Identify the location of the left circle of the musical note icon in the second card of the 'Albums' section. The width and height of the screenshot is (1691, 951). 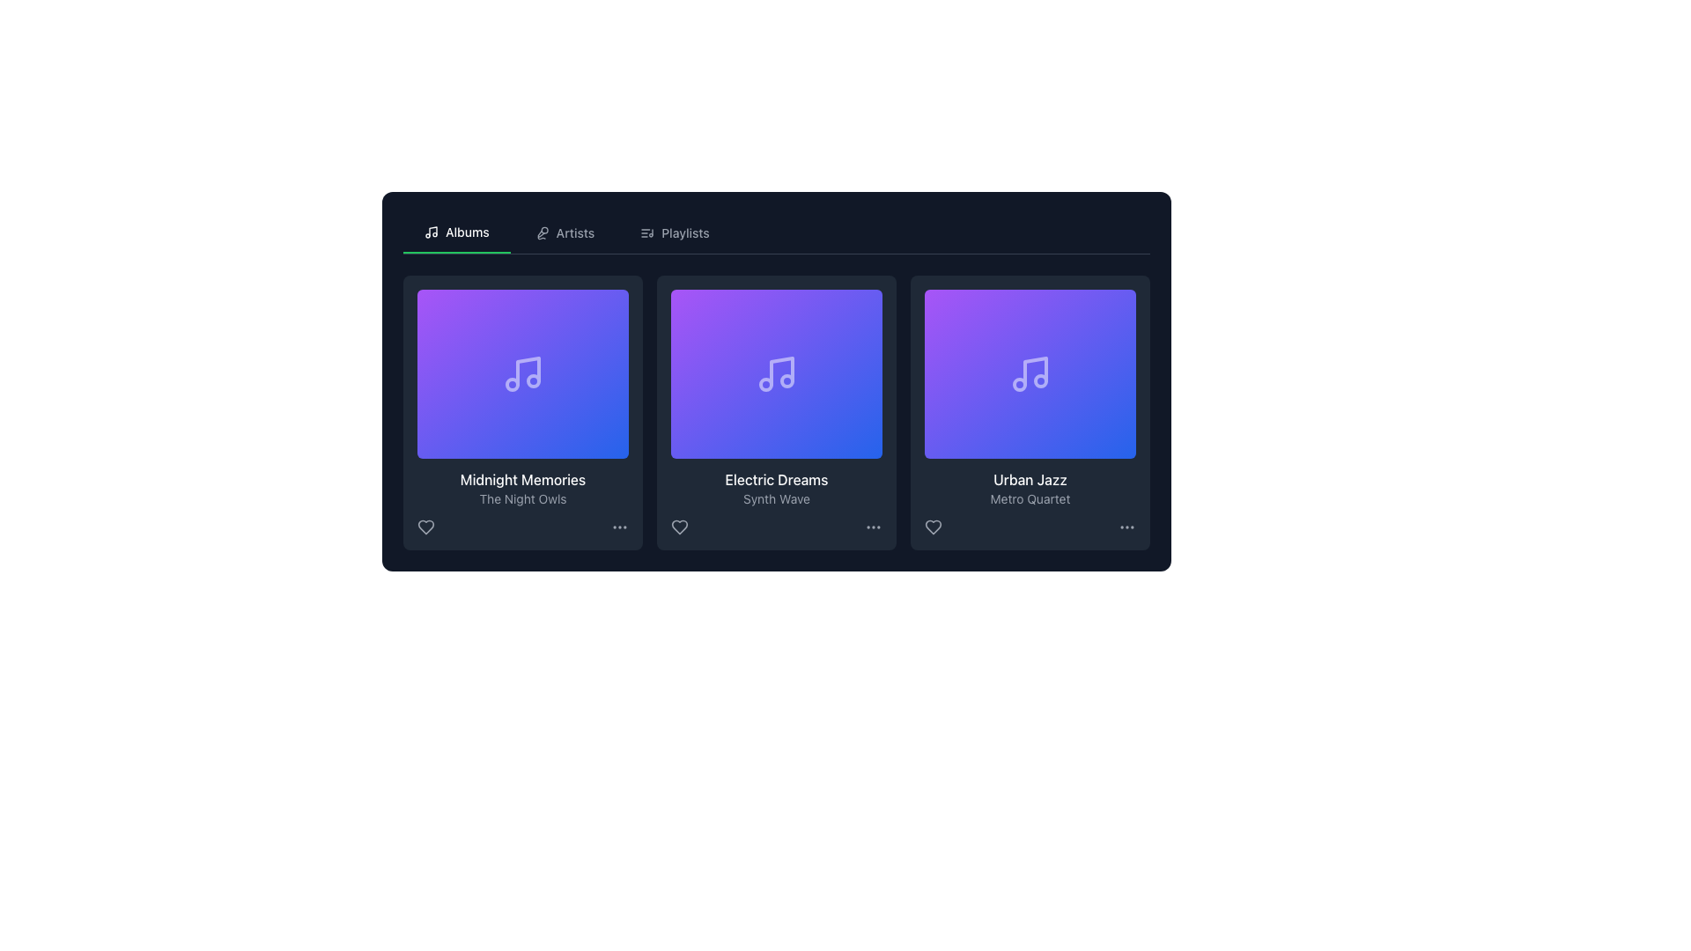
(765, 383).